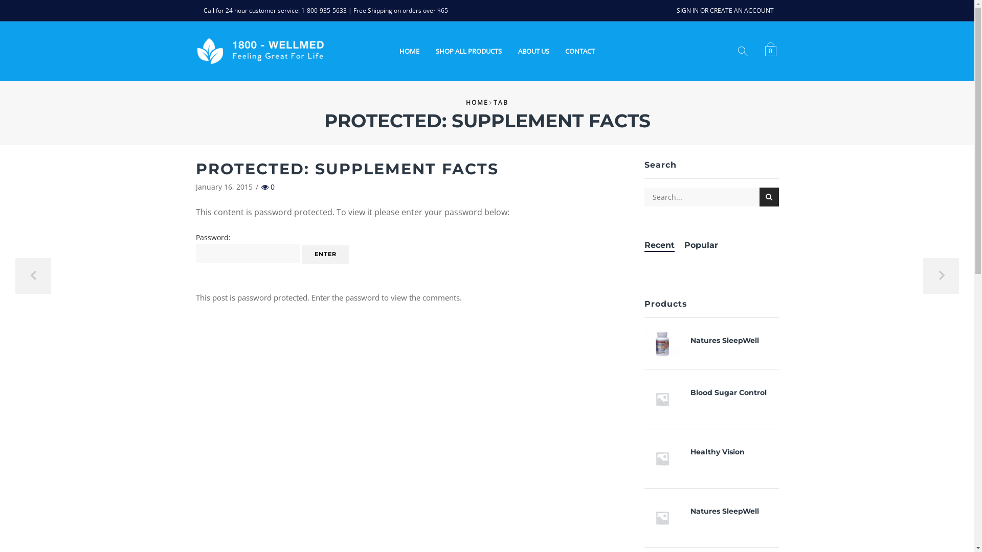  Describe the element at coordinates (325, 254) in the screenshot. I see `'Enter'` at that location.